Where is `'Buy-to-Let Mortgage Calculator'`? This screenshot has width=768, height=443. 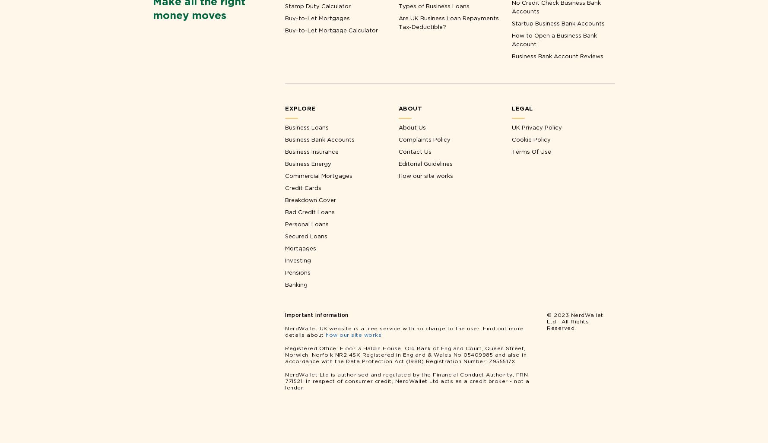
'Buy-to-Let Mortgage Calculator' is located at coordinates (331, 29).